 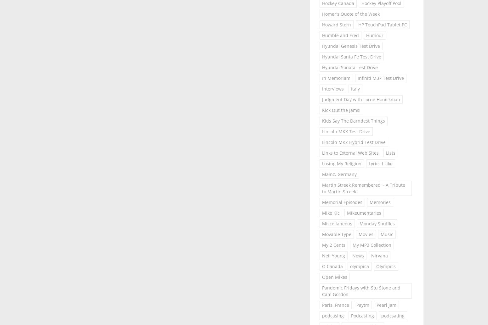 What do you see at coordinates (350, 152) in the screenshot?
I see `'Links to External Web Sites'` at bounding box center [350, 152].